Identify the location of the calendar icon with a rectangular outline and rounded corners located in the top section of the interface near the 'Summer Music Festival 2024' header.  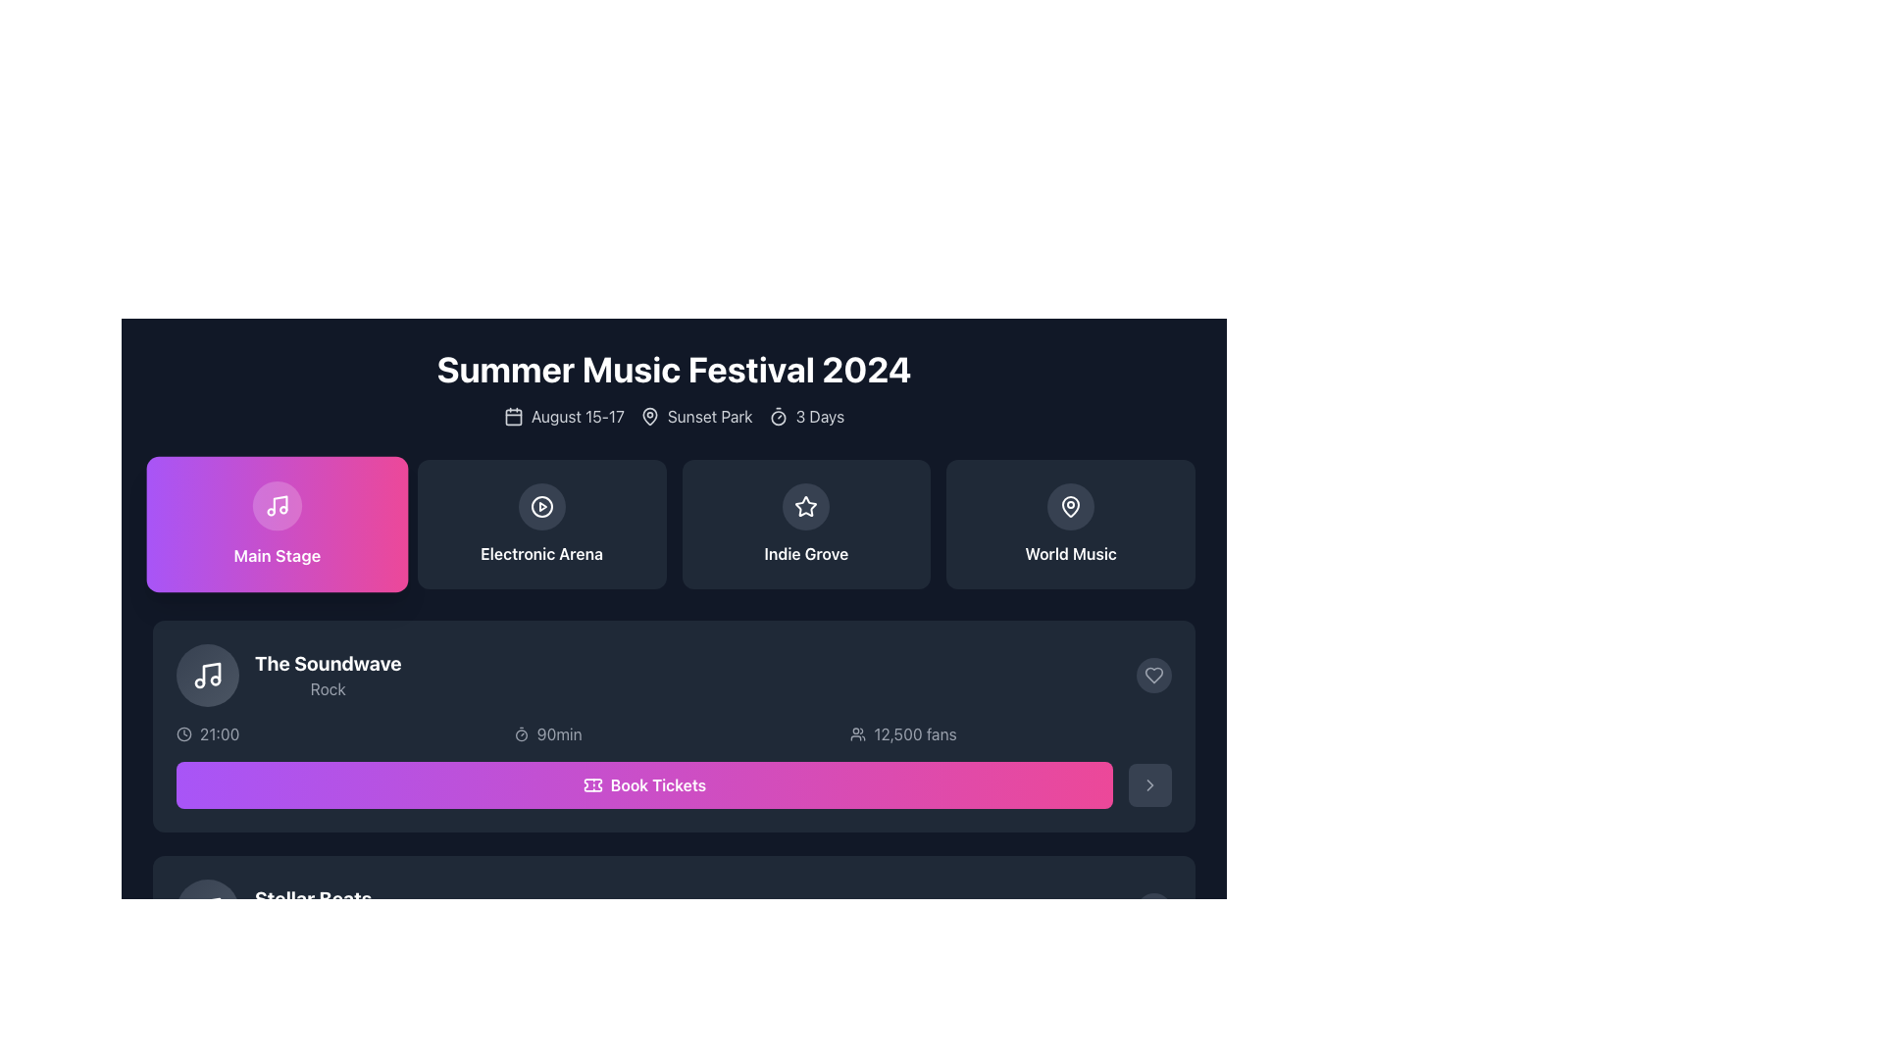
(513, 415).